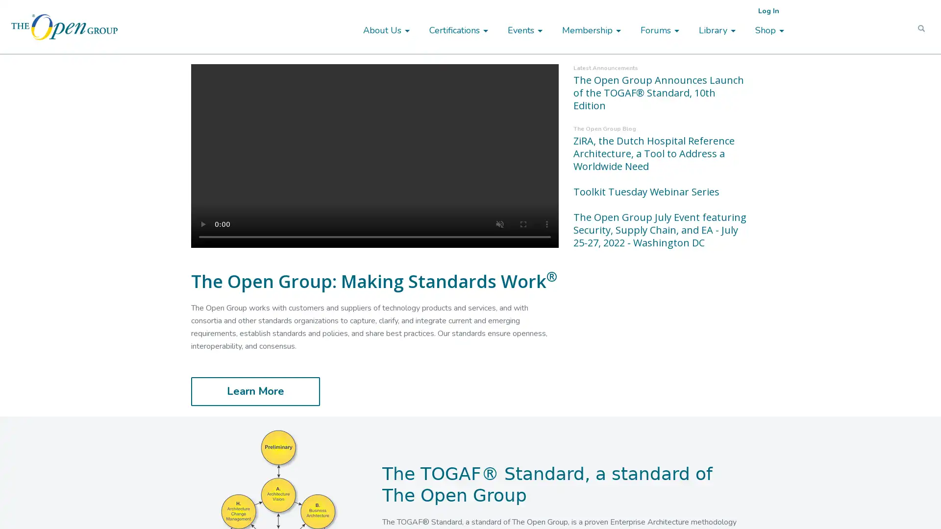  I want to click on enter full screen, so click(522, 224).